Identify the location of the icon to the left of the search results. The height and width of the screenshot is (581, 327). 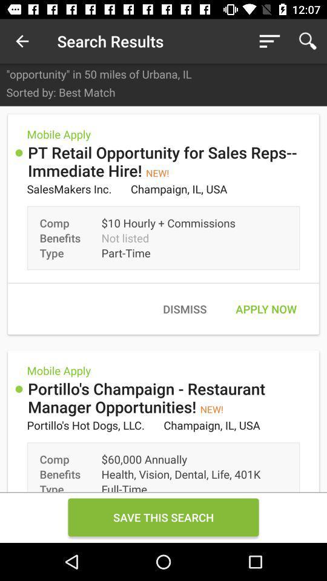
(22, 41).